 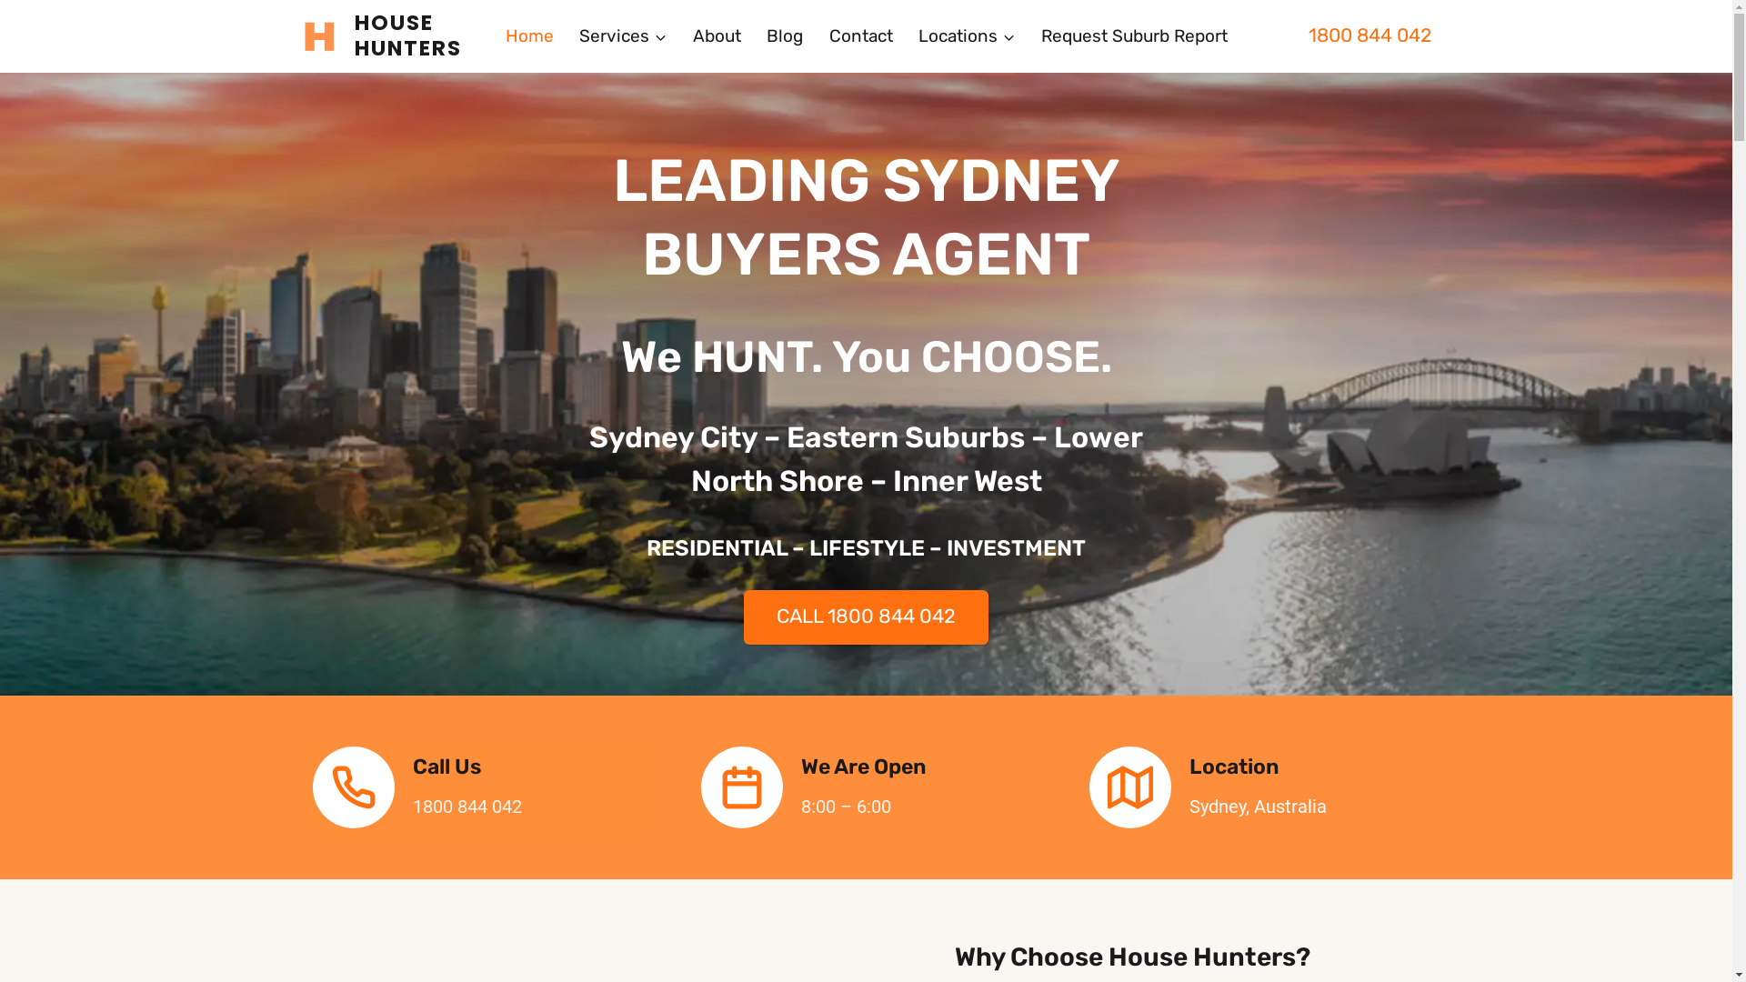 I want to click on 'Home', so click(x=527, y=35).